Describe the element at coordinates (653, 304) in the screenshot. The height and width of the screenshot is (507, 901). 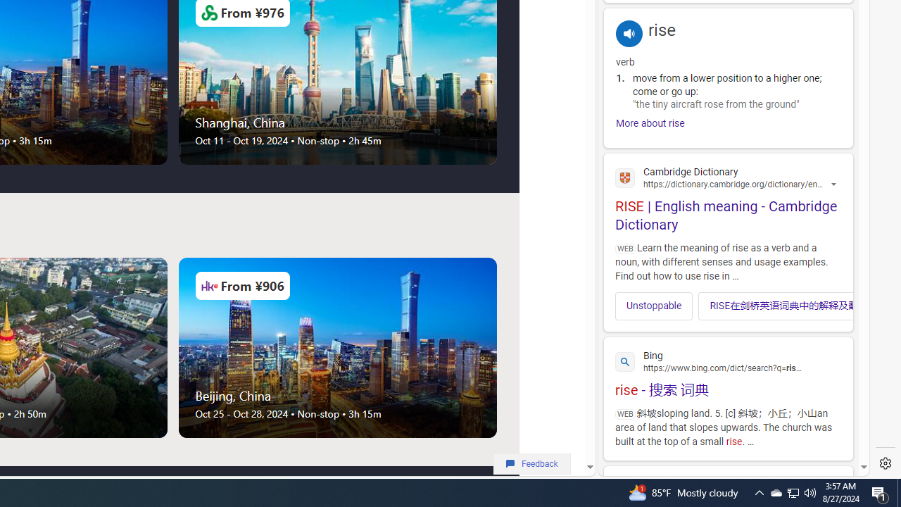
I see `'Unstoppable'` at that location.